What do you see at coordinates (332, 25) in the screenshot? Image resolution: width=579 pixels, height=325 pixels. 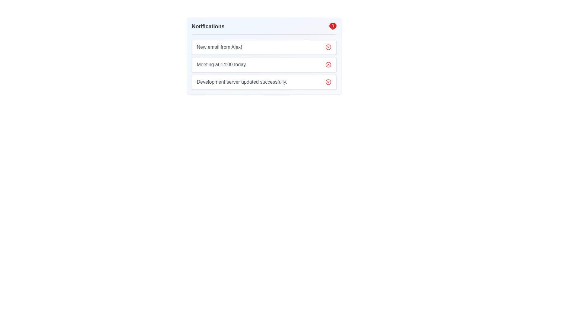 I see `the visual notification badge displaying the digit '3', which is a rounded badge with a red background positioned over the top-right corner of a blue bell icon` at bounding box center [332, 25].